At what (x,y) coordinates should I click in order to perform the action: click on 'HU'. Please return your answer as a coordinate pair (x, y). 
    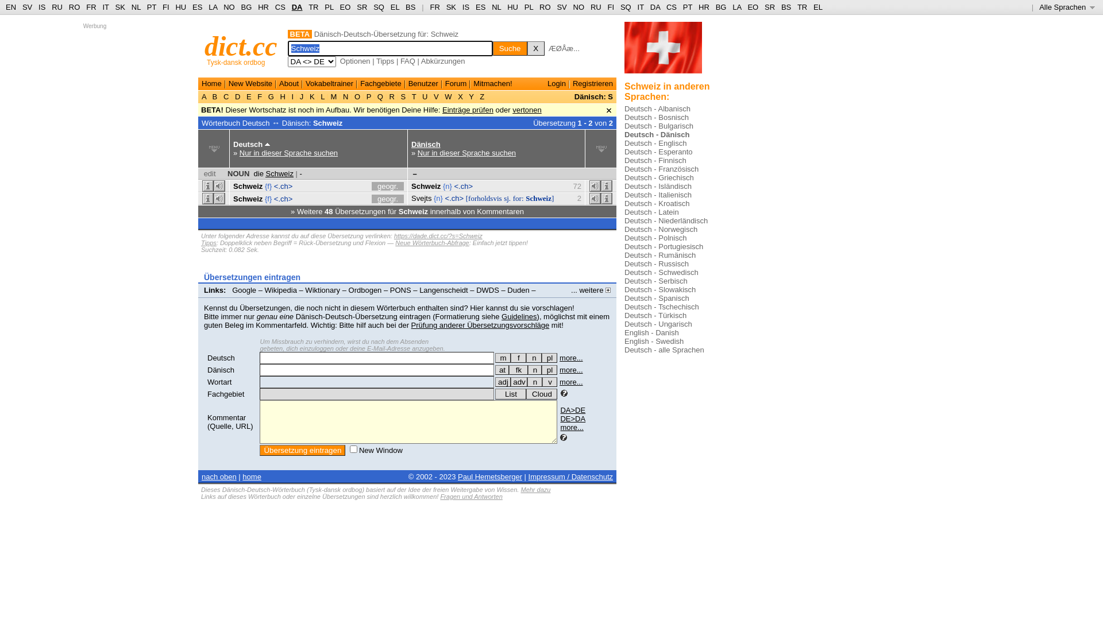
    Looking at the image, I should click on (512, 7).